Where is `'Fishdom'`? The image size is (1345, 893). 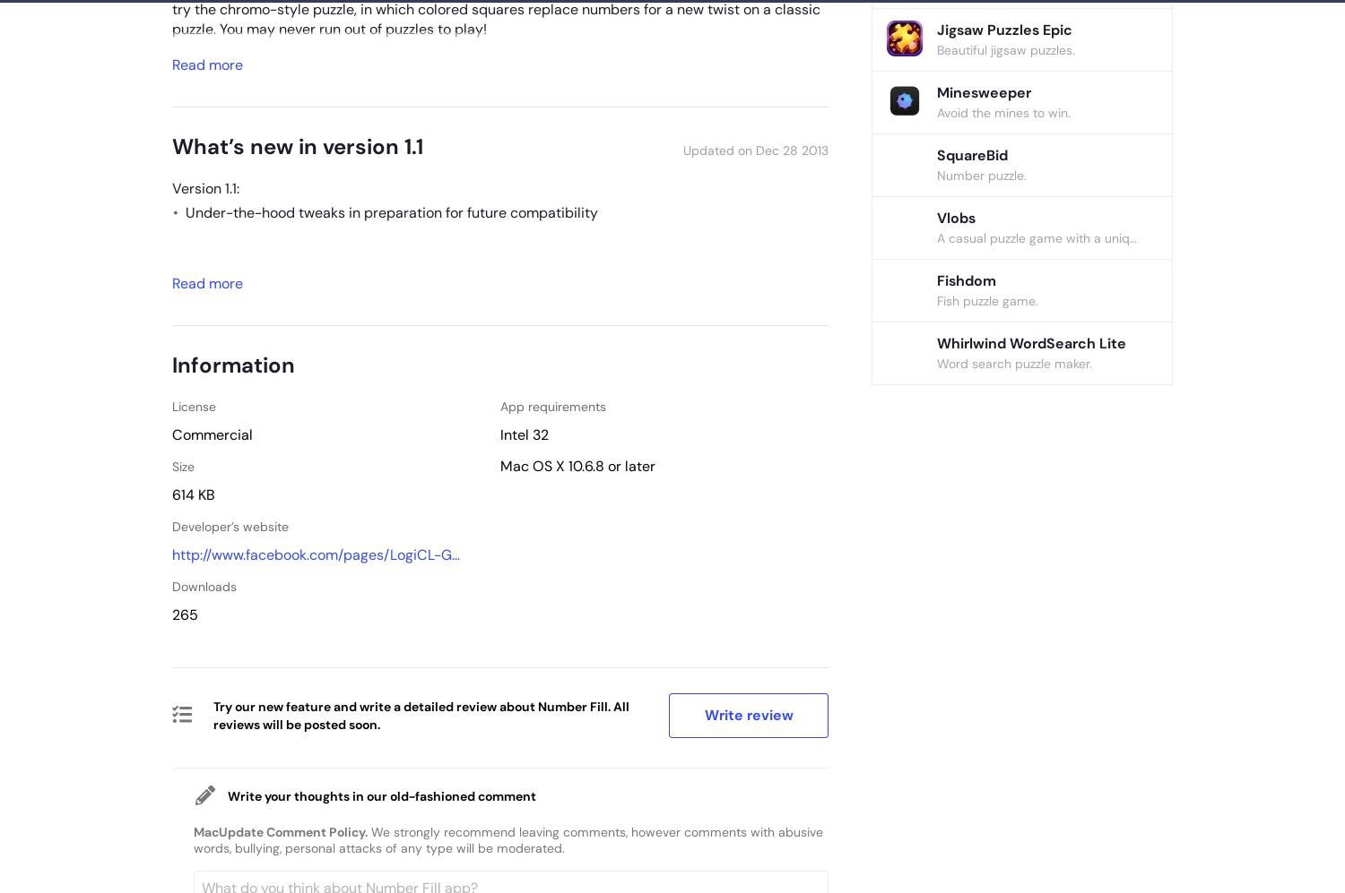 'Fishdom' is located at coordinates (937, 280).